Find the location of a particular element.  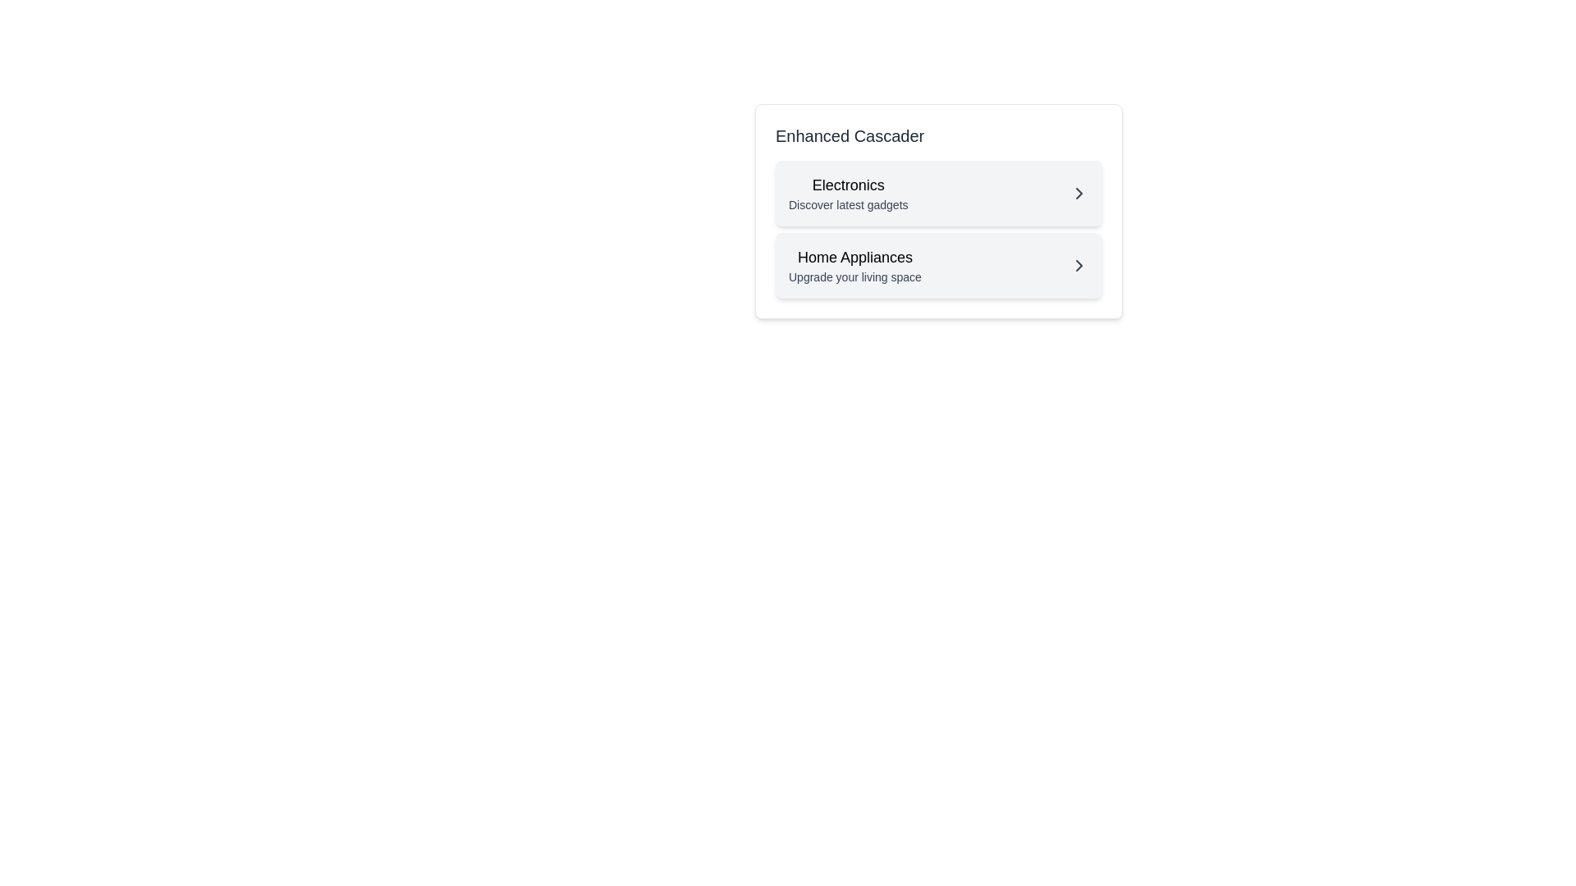

the rightward-pointing chevron icon in the 'Electronics' section is located at coordinates (1079, 192).